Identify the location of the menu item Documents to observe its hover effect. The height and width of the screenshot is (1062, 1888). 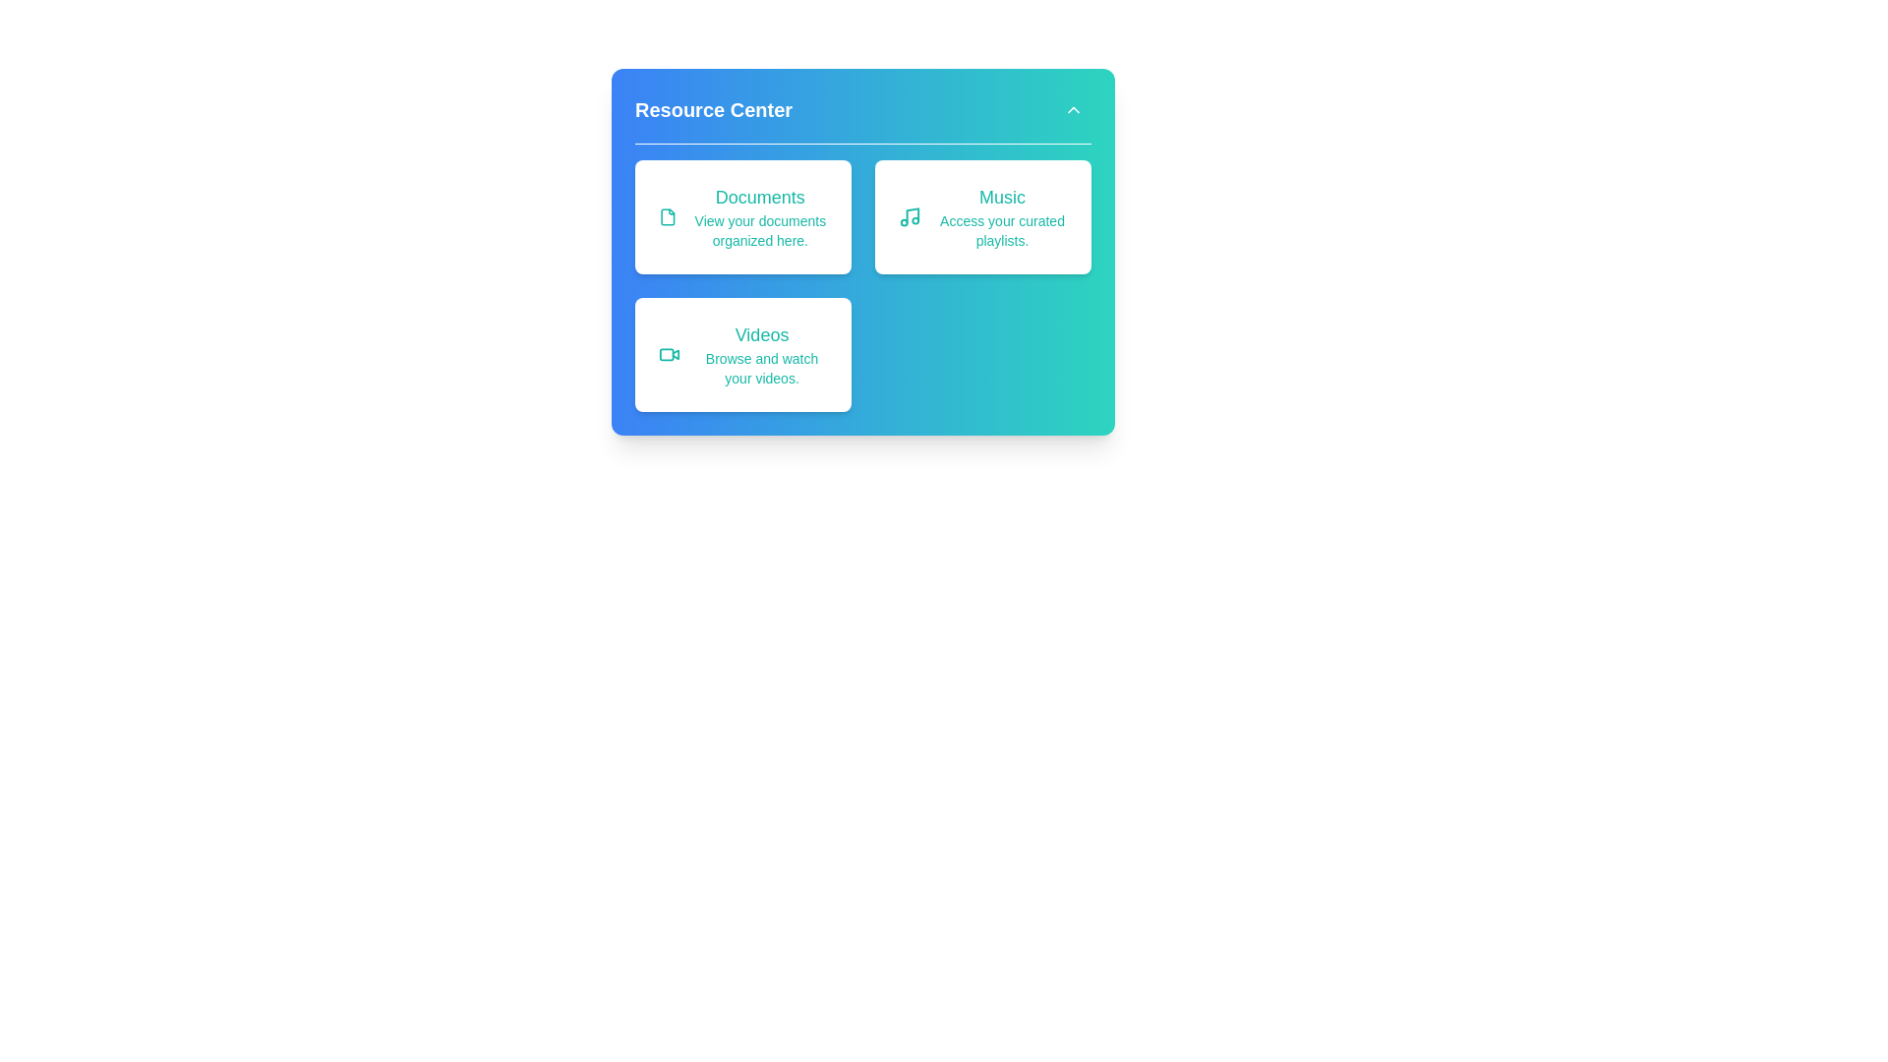
(741, 216).